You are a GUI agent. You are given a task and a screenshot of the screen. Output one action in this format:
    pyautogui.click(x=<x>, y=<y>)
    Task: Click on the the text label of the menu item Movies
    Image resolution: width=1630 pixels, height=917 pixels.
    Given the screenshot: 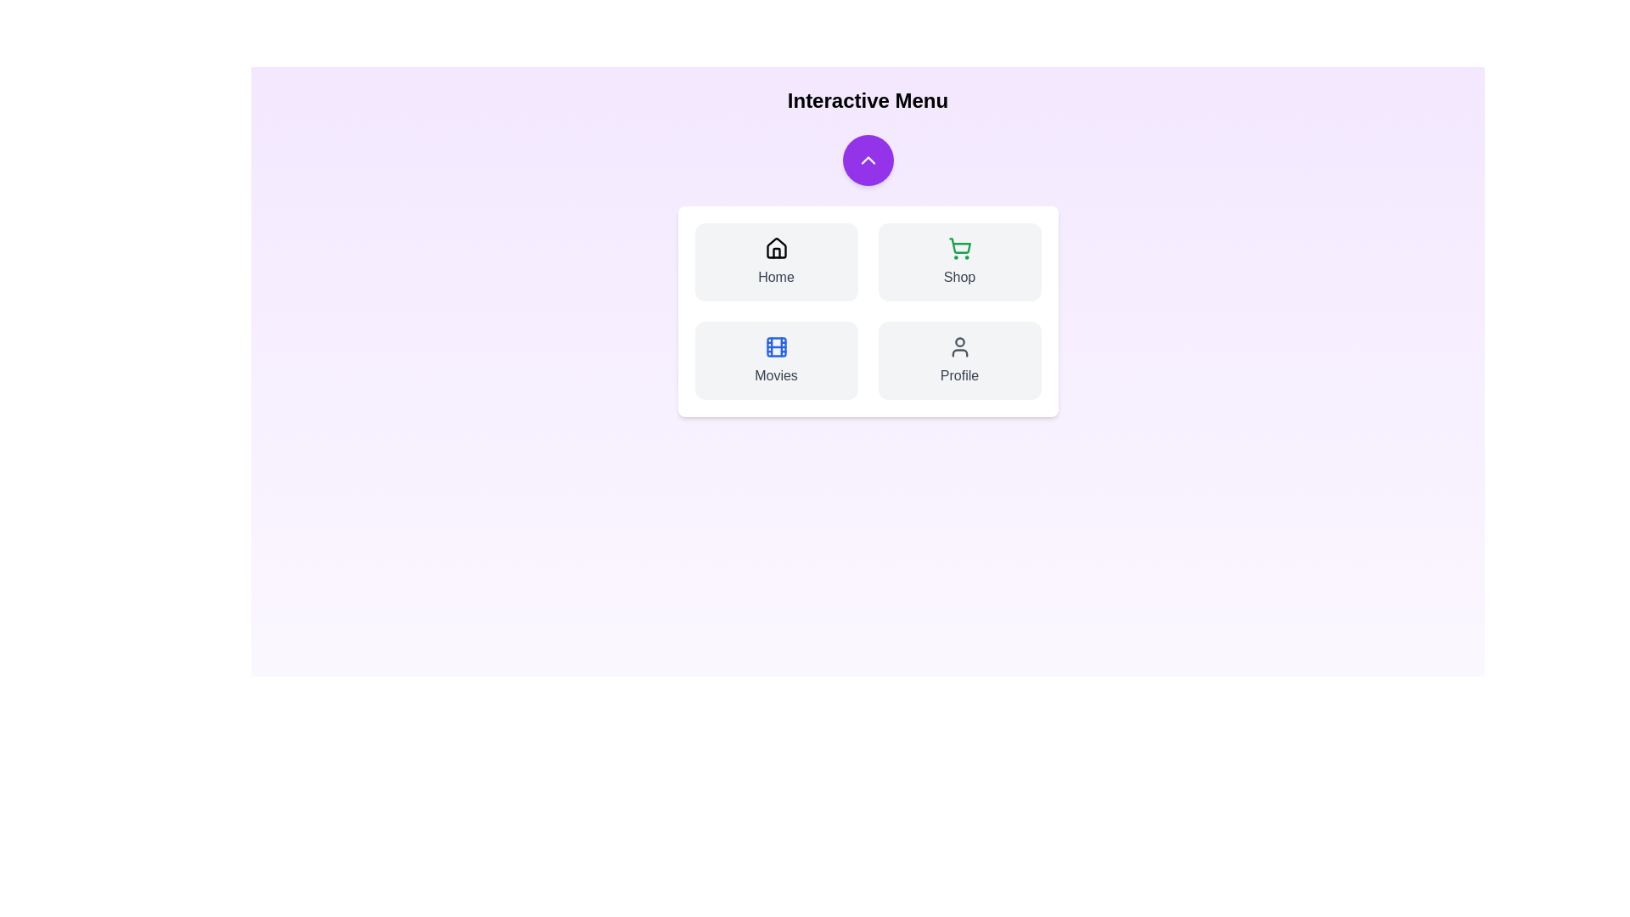 What is the action you would take?
    pyautogui.click(x=775, y=375)
    